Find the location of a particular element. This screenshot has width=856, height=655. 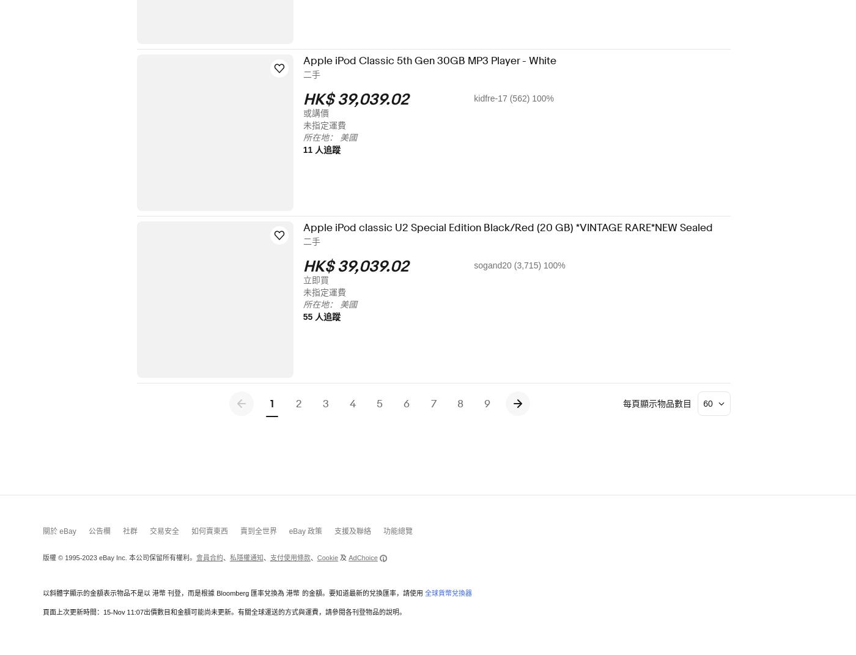

'3' is located at coordinates (334, 402).